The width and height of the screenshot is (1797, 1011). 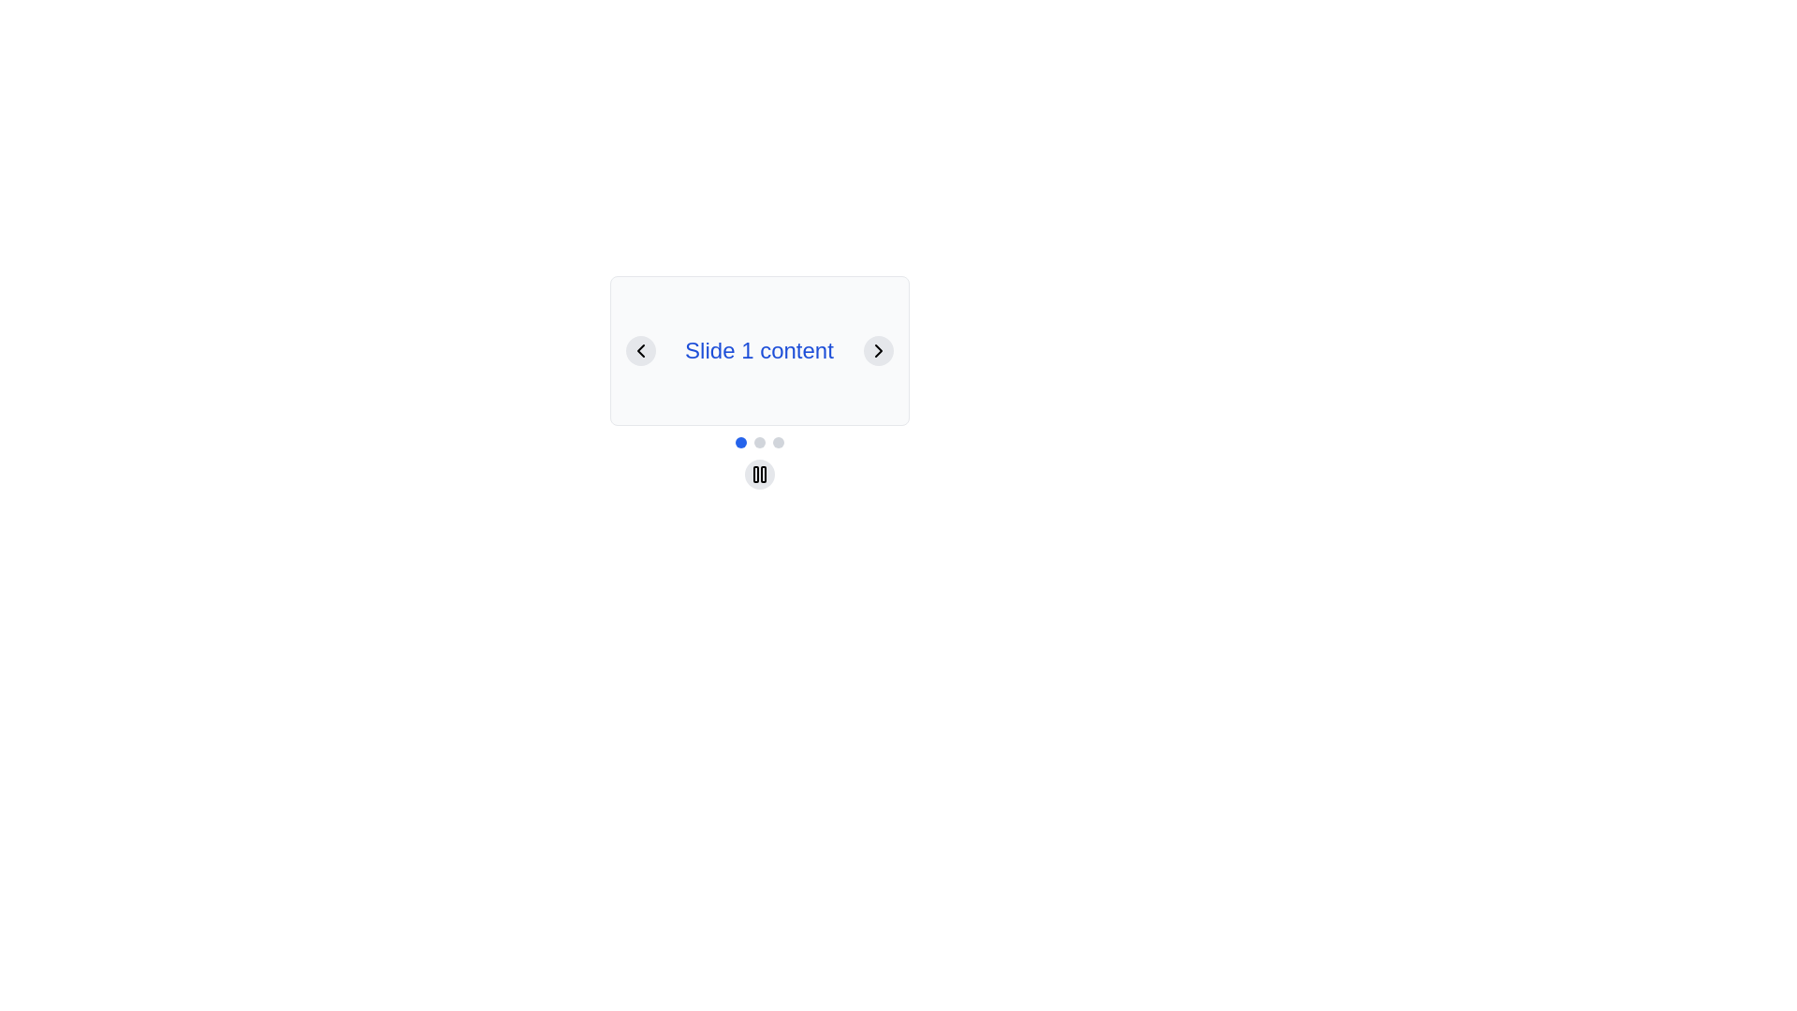 I want to click on the left bar of the pause button icon, which is a vertical rectangular bar with rounded corners, located below the main carousel component, so click(x=755, y=473).